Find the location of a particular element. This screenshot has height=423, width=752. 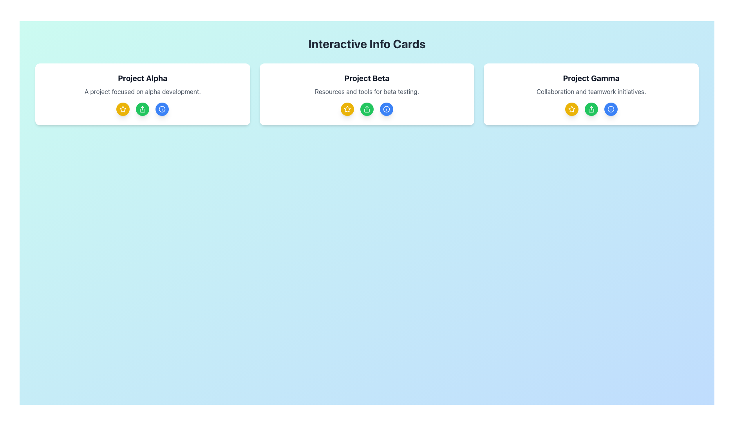

the star icon button located in the leftmost card under 'Project Alpha' to potentially see a tooltip is located at coordinates (123, 109).